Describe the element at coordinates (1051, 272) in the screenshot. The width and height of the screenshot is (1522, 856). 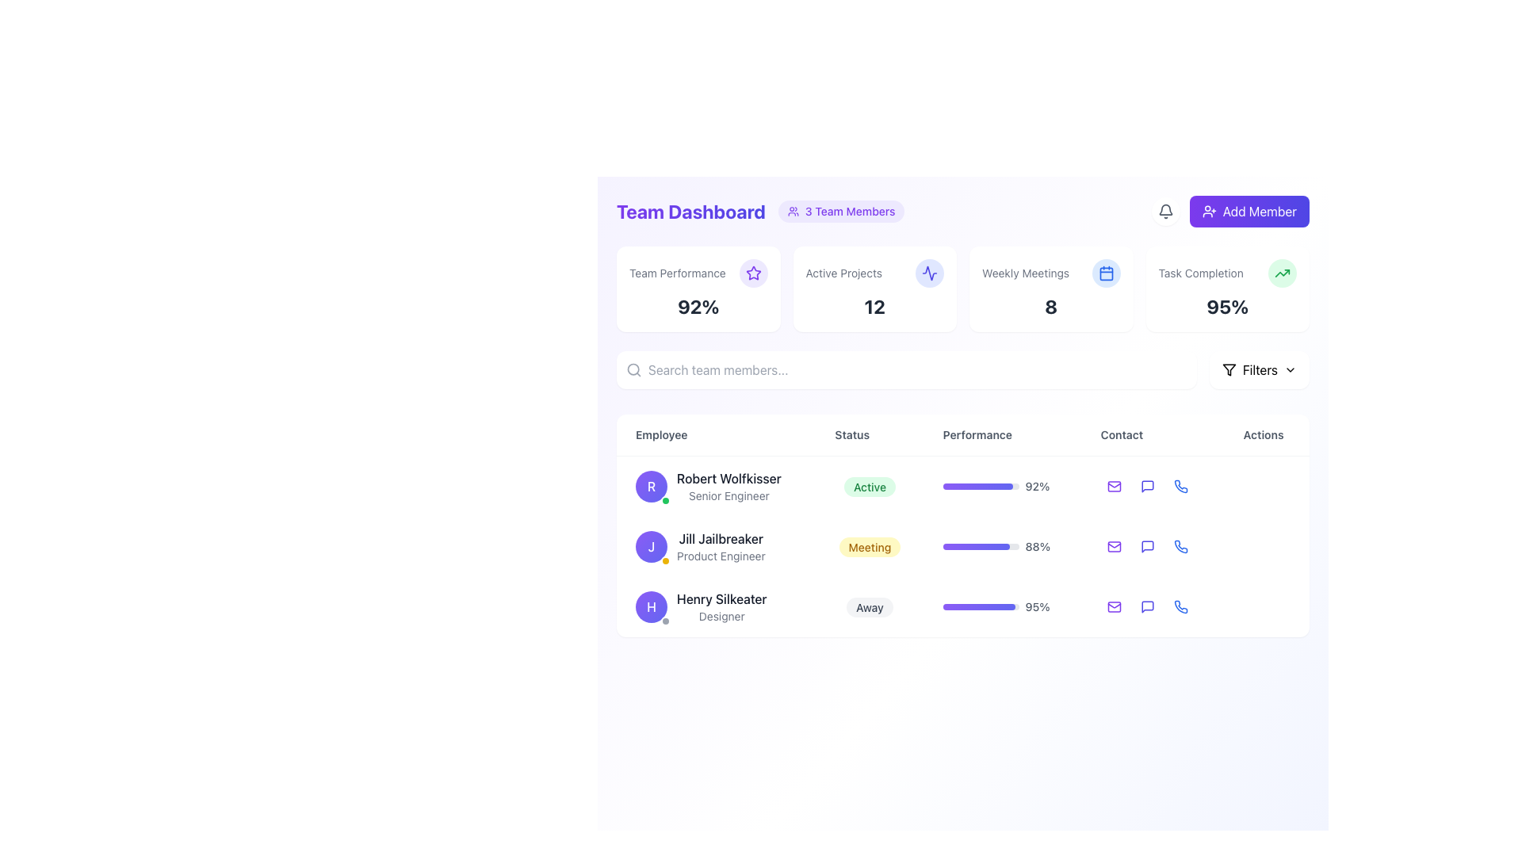
I see `the 'Weekly Meetings' label, which is a smaller gray font text located near the top-left corner of a rectangular box, aligned horizontally with a calendar icon` at that location.